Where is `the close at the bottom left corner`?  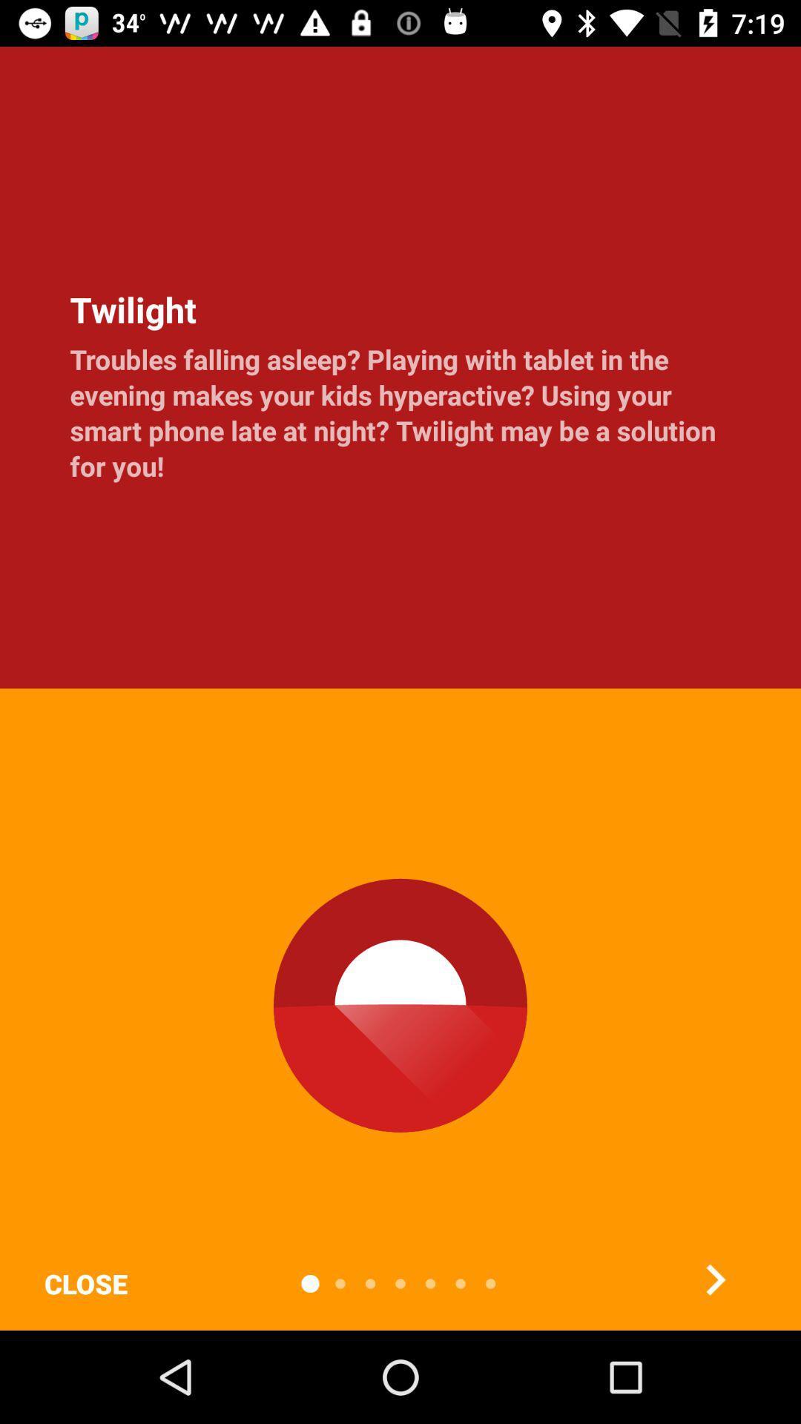
the close at the bottom left corner is located at coordinates (85, 1283).